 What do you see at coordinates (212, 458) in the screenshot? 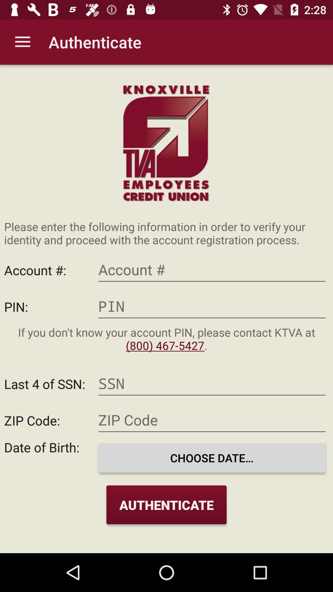
I see `the icon above the authenticate item` at bounding box center [212, 458].